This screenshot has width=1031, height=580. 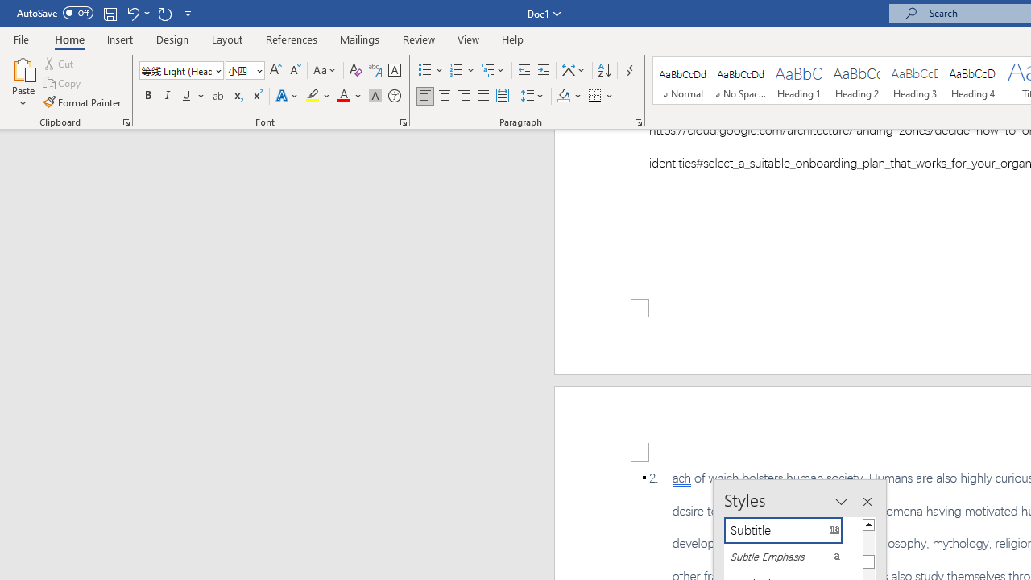 What do you see at coordinates (325, 69) in the screenshot?
I see `'Change Case'` at bounding box center [325, 69].